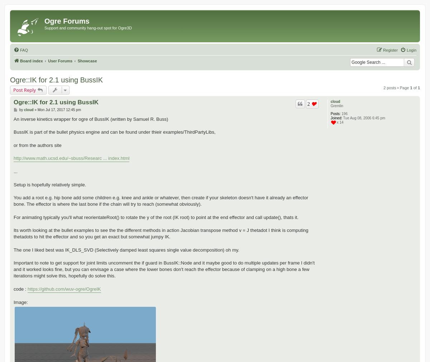 Image resolution: width=430 pixels, height=362 pixels. I want to click on '2', so click(308, 103).